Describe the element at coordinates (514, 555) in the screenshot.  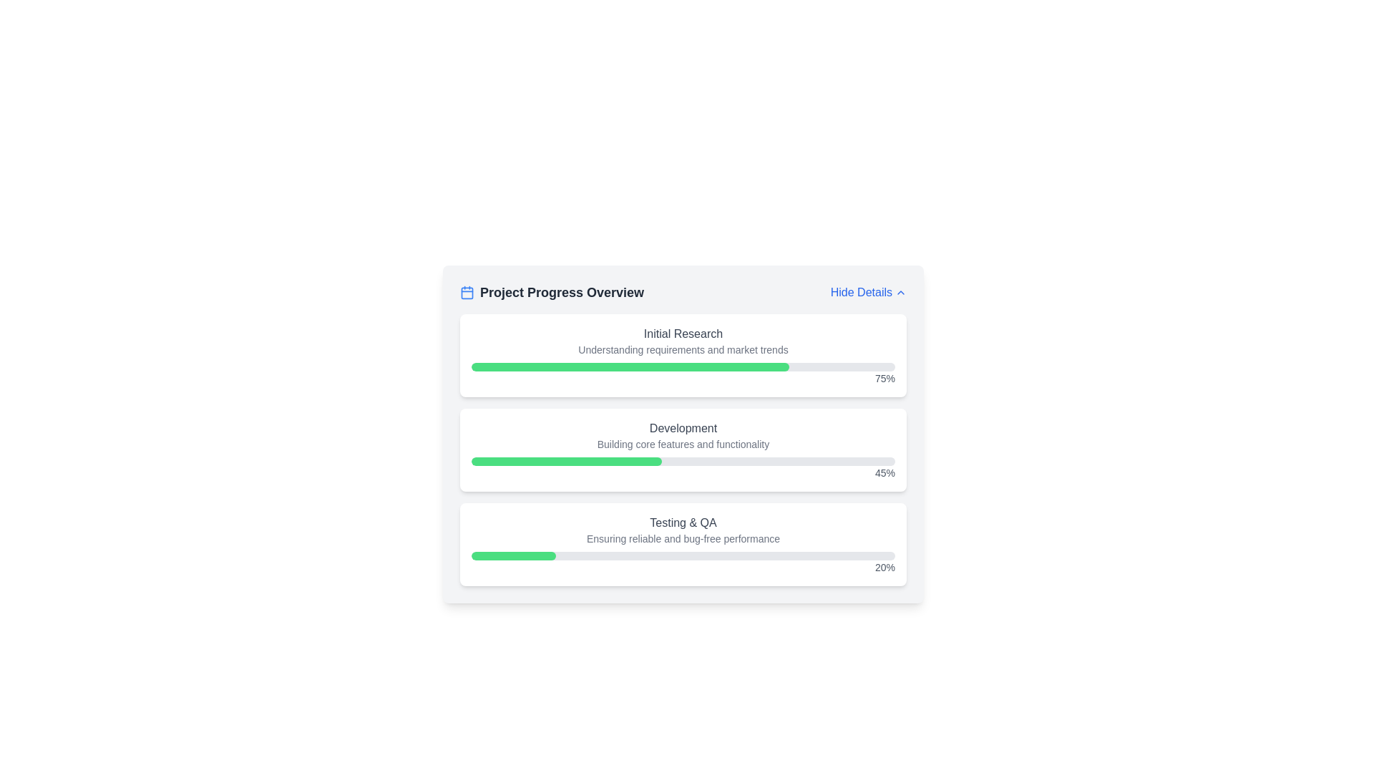
I see `the green-filled portion of the progress bar in the 'Testing & QA' section, which occupies 20% of its surrounding gray bar` at that location.